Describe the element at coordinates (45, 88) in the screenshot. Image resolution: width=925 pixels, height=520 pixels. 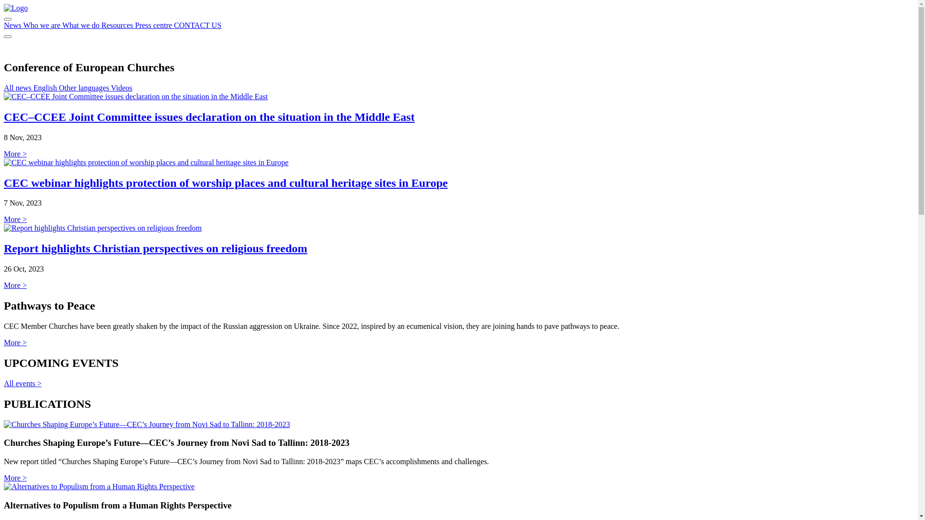
I see `'English'` at that location.